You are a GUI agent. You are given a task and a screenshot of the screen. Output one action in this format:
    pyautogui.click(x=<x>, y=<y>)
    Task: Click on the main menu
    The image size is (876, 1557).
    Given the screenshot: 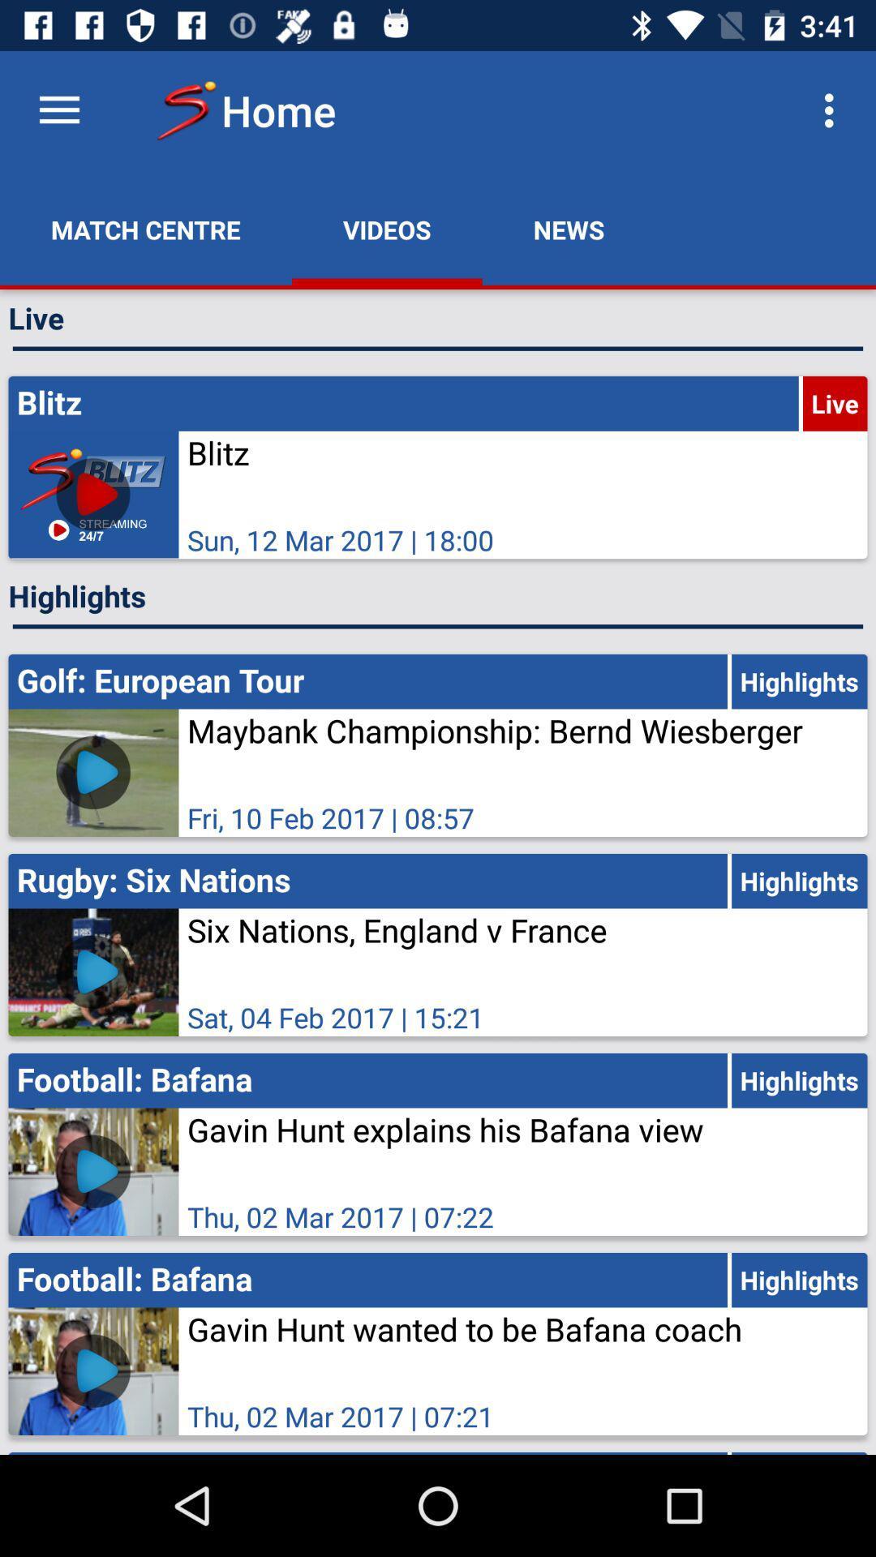 What is the action you would take?
    pyautogui.click(x=58, y=109)
    